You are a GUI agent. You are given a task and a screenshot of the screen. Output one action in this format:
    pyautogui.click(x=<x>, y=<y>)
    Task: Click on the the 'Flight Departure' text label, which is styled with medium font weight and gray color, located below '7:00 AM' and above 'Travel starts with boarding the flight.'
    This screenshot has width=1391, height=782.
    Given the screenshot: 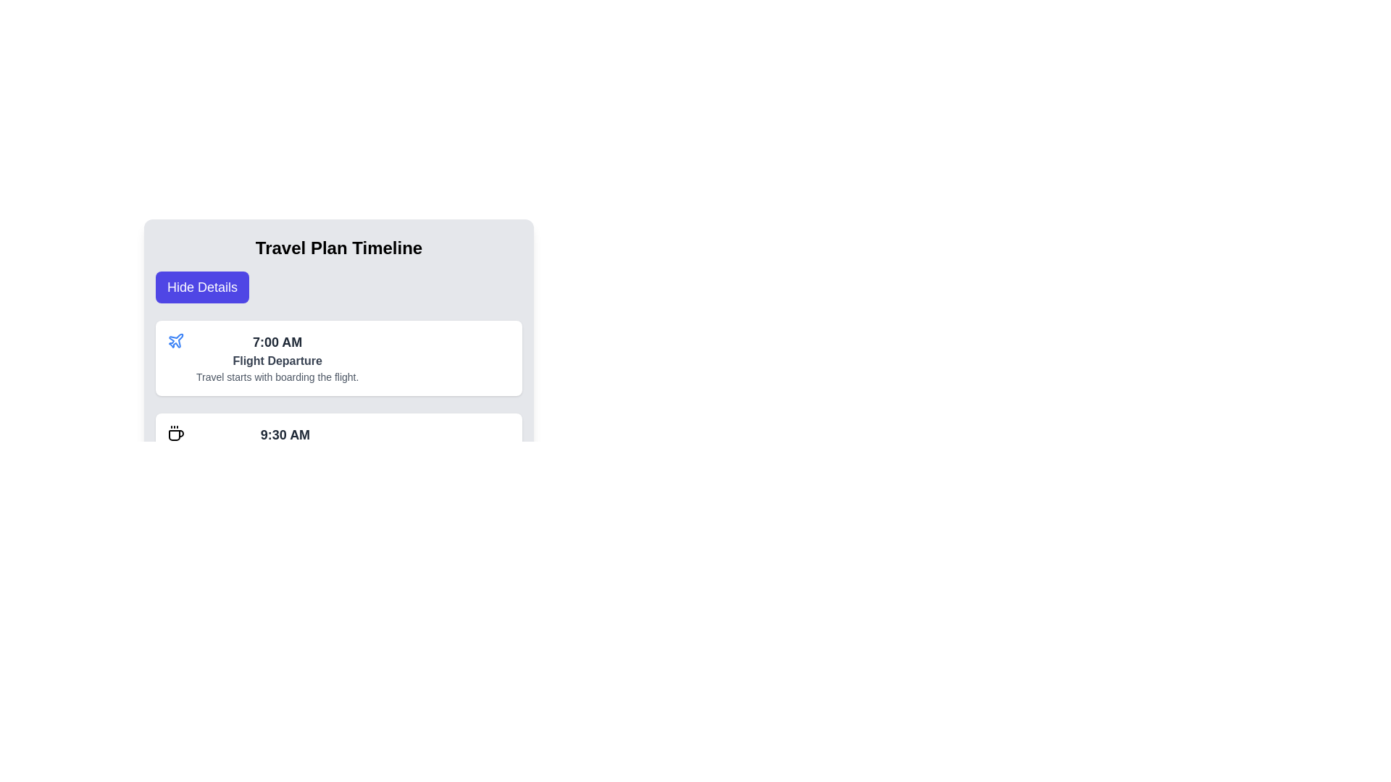 What is the action you would take?
    pyautogui.click(x=277, y=360)
    